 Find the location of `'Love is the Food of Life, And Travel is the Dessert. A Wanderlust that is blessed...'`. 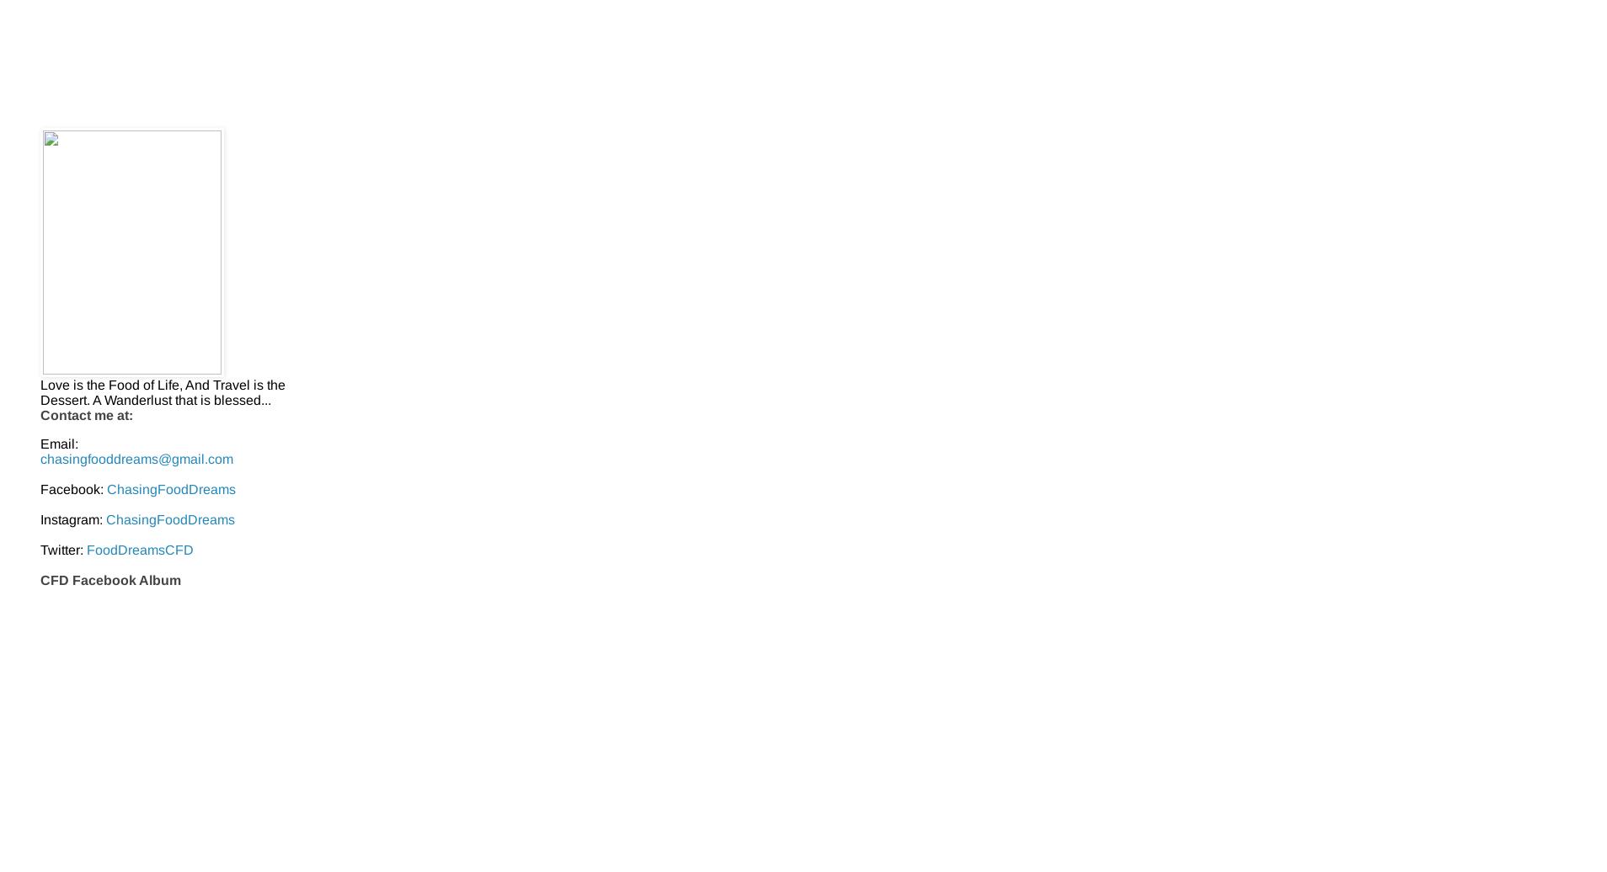

'Love is the Food of Life, And Travel is the Dessert. A Wanderlust that is blessed...' is located at coordinates (162, 391).